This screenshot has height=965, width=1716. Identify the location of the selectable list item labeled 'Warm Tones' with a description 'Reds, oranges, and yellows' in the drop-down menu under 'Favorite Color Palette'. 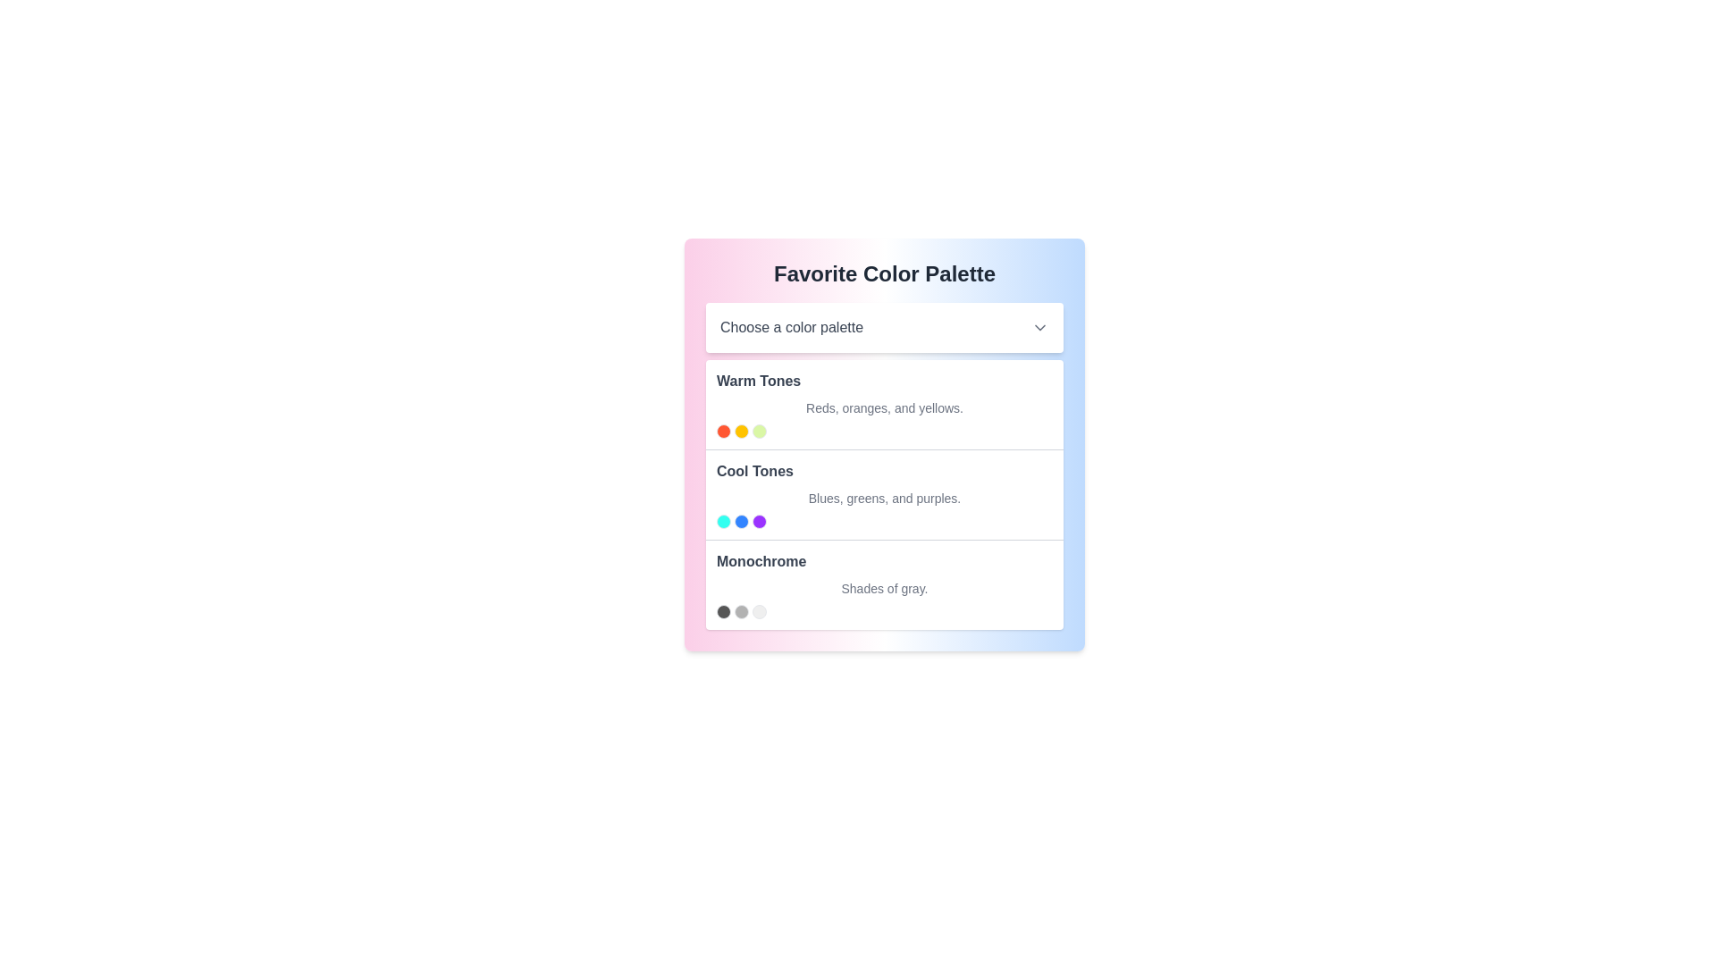
(884, 404).